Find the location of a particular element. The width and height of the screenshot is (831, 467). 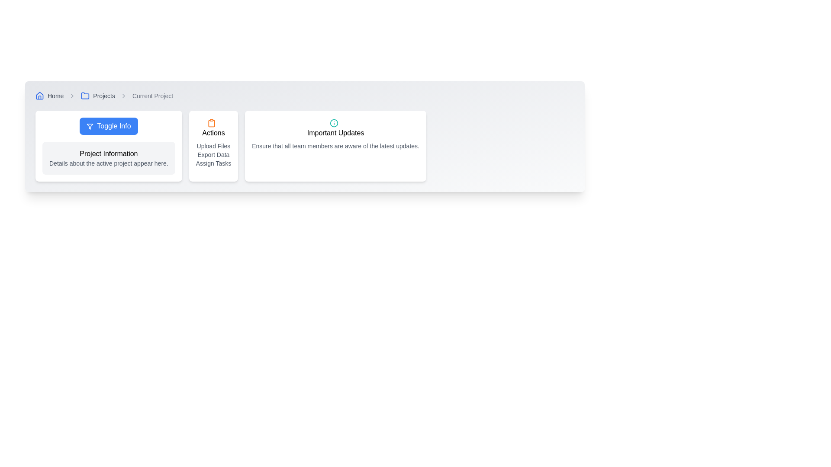

the 'Important Updates' text label is located at coordinates (335, 133).